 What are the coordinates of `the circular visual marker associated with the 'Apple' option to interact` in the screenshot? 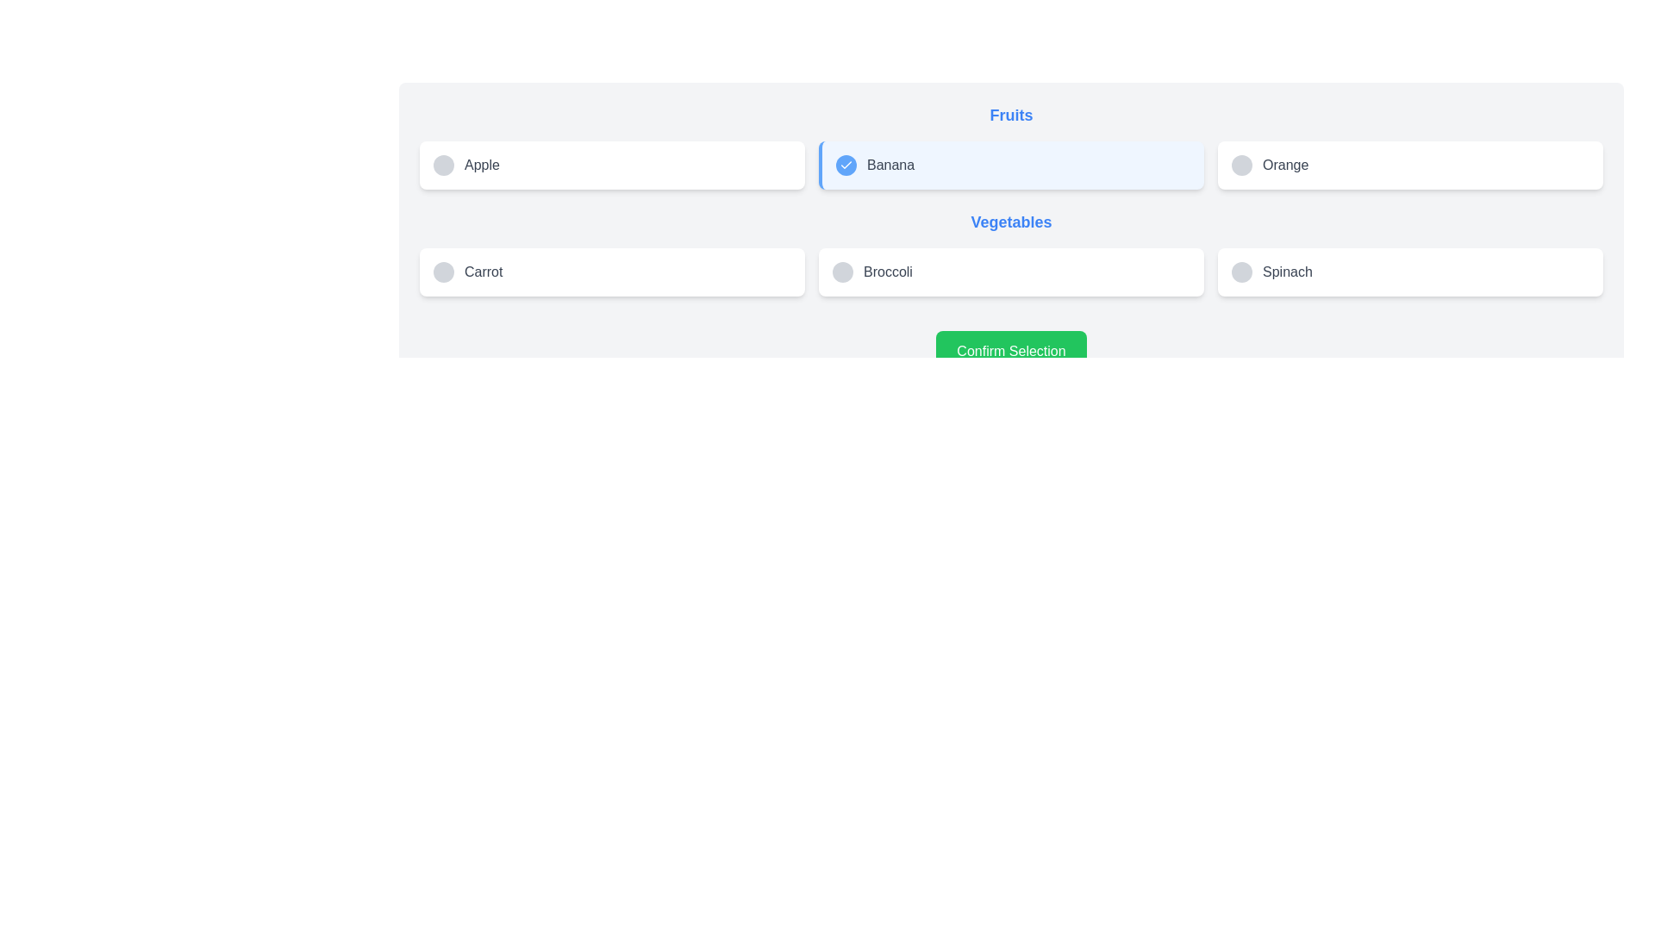 It's located at (443, 166).